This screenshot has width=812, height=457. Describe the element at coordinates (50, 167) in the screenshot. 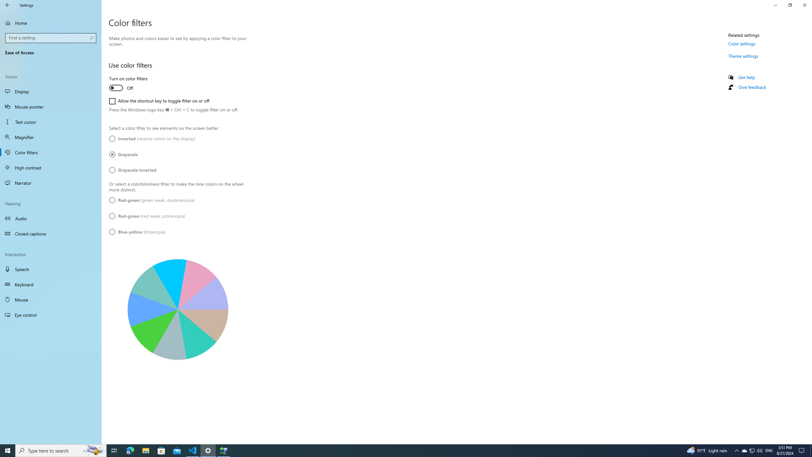

I see `'High contrast'` at that location.